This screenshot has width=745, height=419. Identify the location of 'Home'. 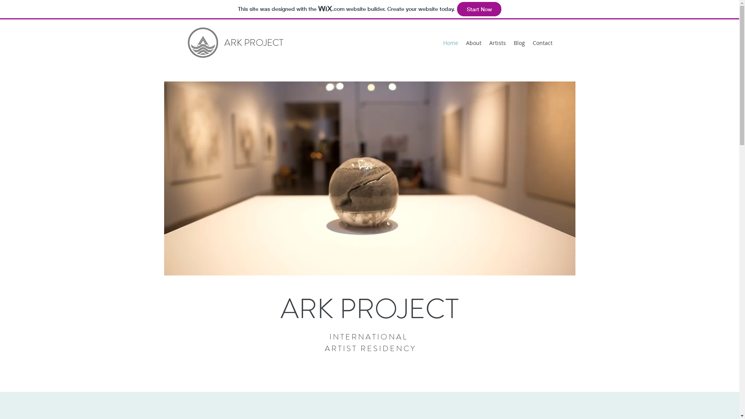
(450, 43).